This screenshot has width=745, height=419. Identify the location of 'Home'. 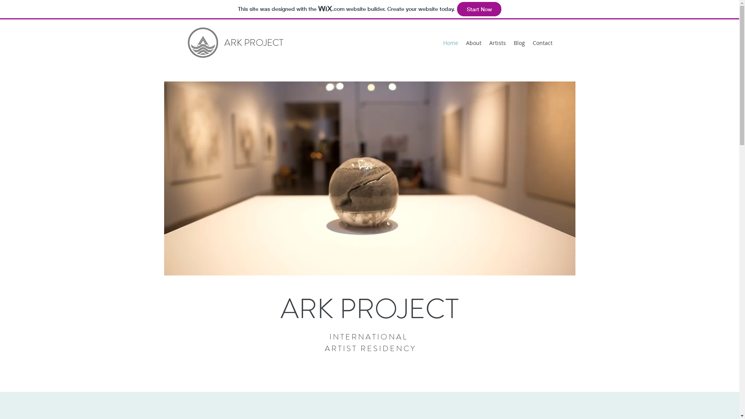
(450, 43).